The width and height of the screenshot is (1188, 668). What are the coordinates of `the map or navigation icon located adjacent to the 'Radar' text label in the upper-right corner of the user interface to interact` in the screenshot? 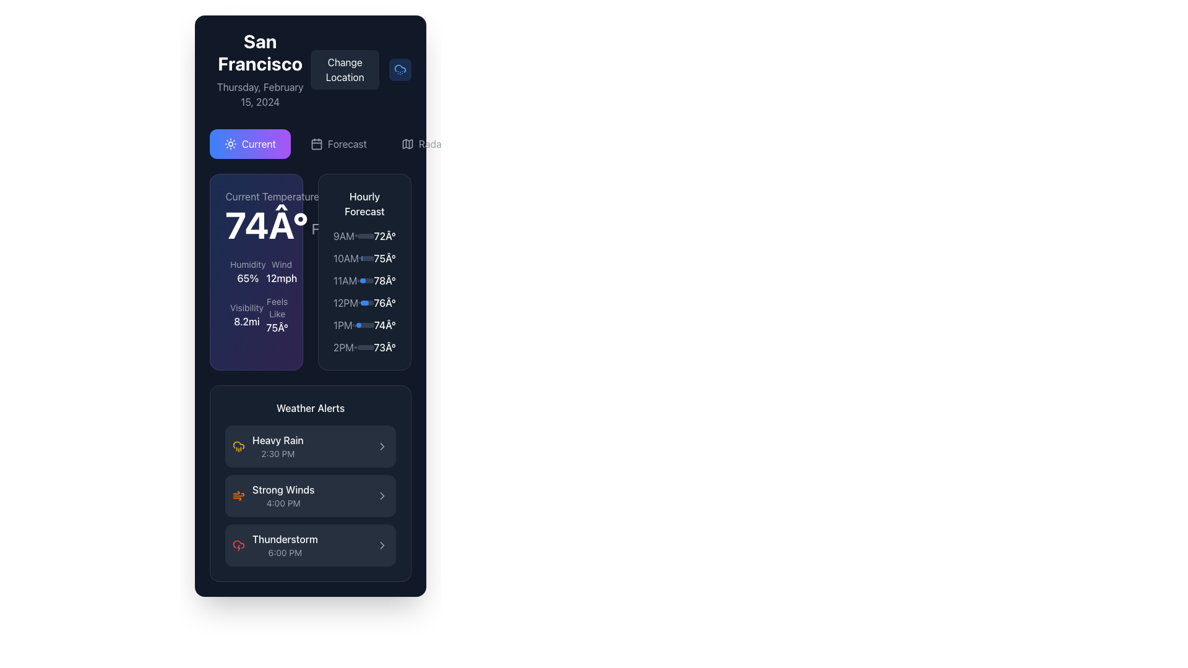 It's located at (407, 143).